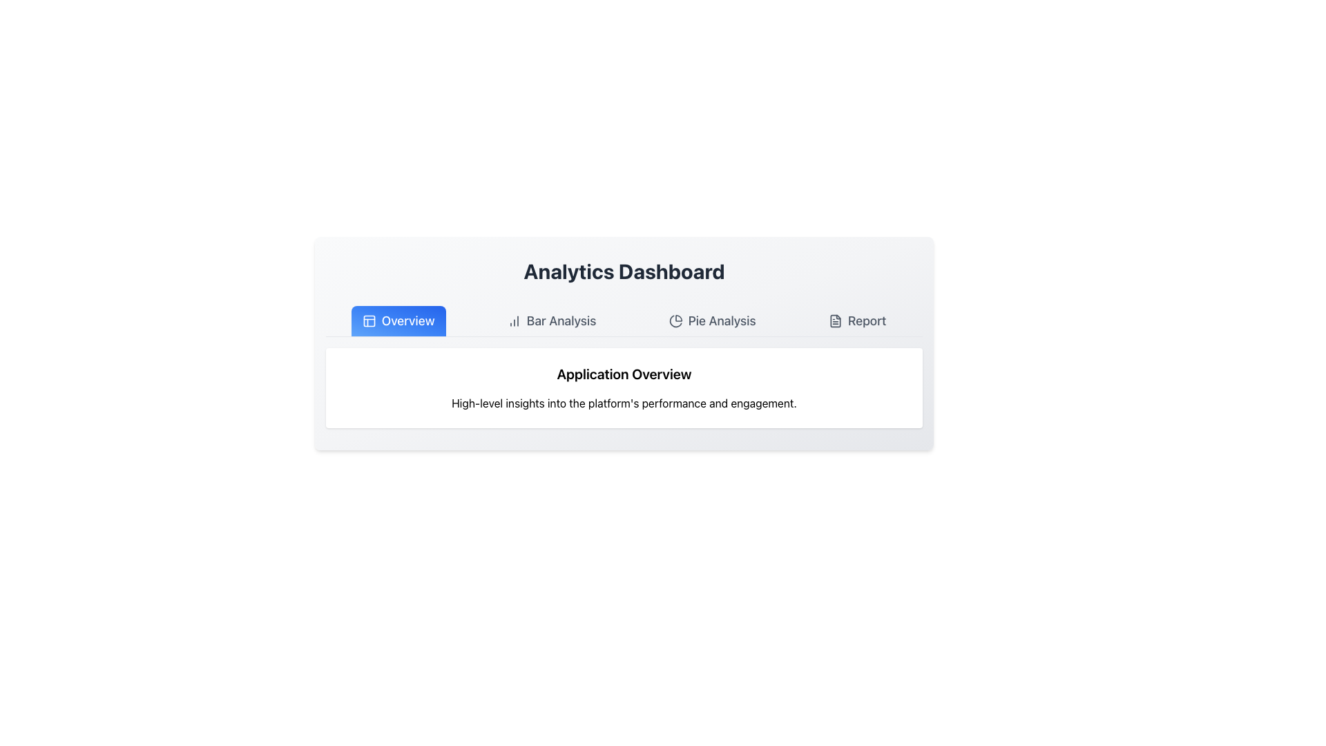  Describe the element at coordinates (398, 321) in the screenshot. I see `the 'Overview' navigation button located at the top left of the interface to possibly reveal additional information or a tooltip` at that location.